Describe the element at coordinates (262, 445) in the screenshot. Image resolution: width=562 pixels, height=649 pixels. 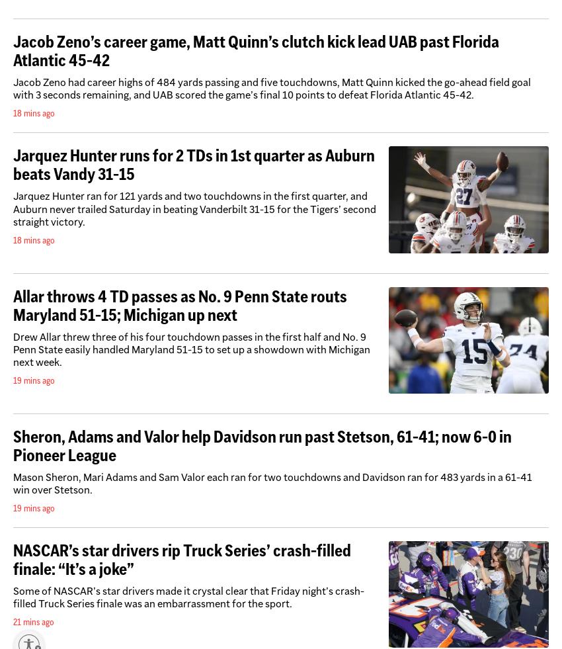
I see `'Sheron, Adams and Valor help Davidson run past Stetson, 61-41; now 6-0 in Pioneer League'` at that location.